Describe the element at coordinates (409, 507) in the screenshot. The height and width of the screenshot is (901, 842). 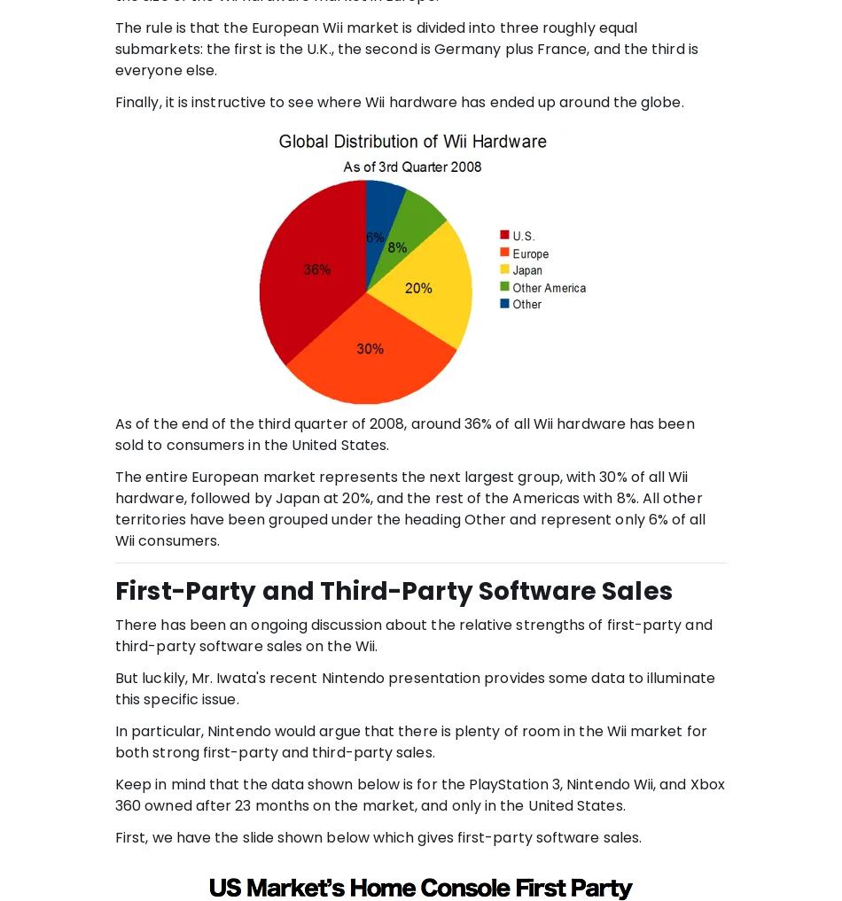
I see `'The
entire European market represents the next largest group, with 30% of
all Wii hardware, followed by Japan at 20%, and the rest of the
Americas with 8%. All other territories have been grouped under the
heading Other and represent only 6% of all Wii consumers.'` at that location.